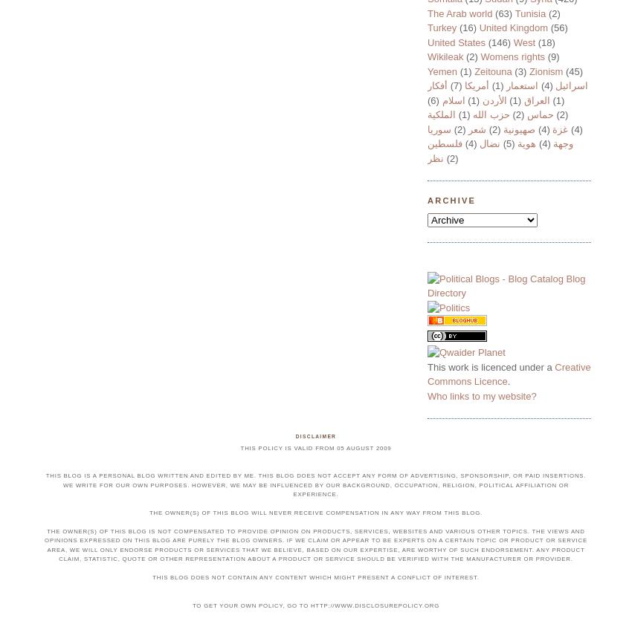 The height and width of the screenshot is (624, 632). What do you see at coordinates (529, 13) in the screenshot?
I see `'Tunisia'` at bounding box center [529, 13].